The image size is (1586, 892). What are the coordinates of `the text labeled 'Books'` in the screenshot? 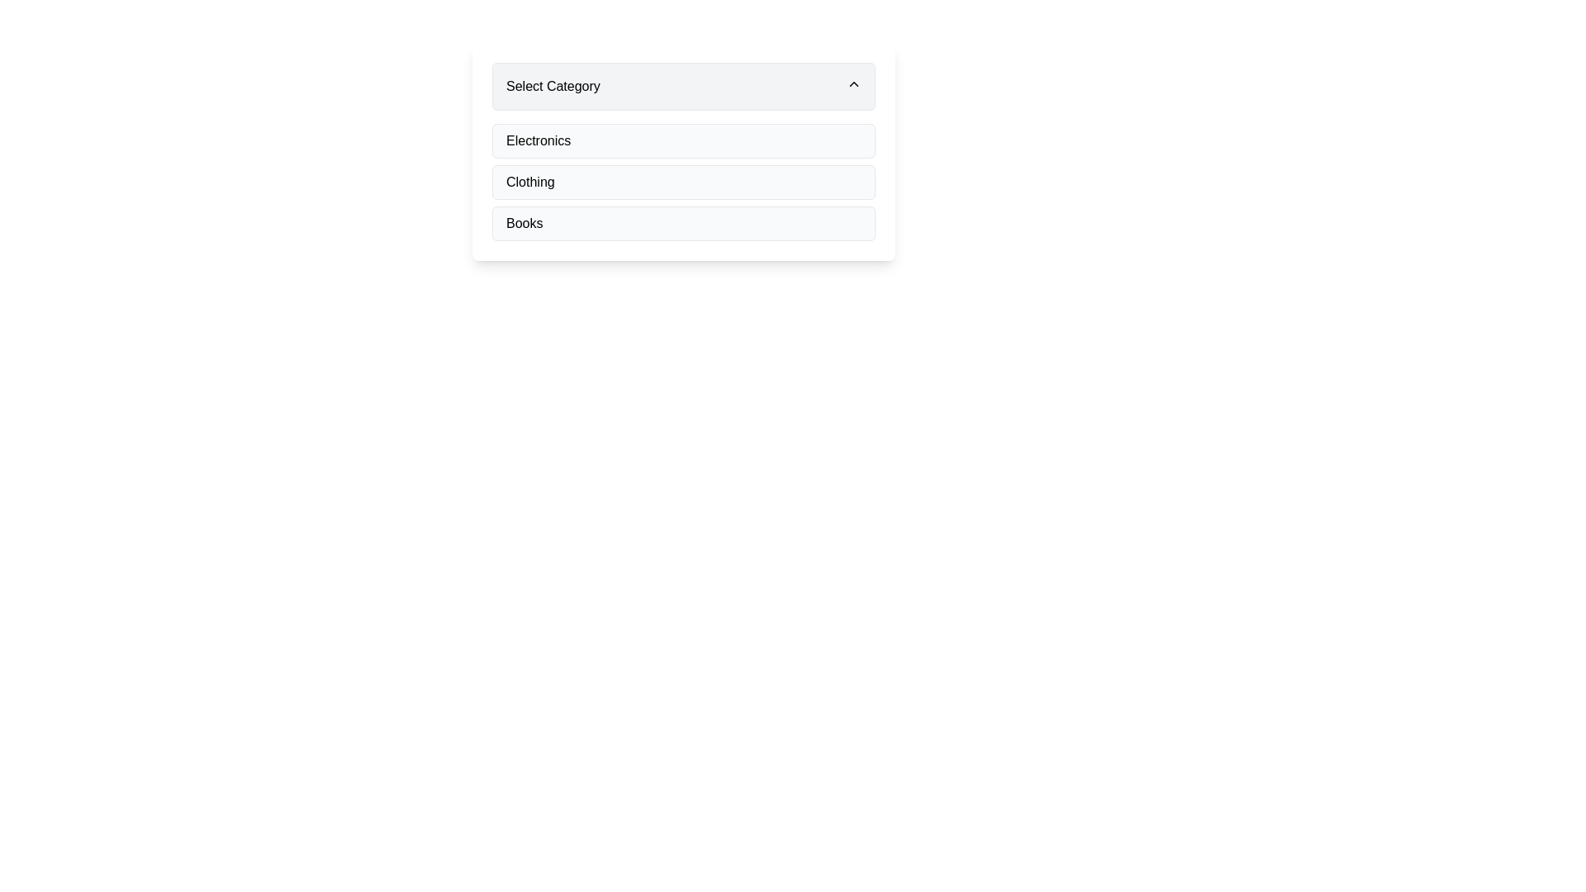 It's located at (524, 223).